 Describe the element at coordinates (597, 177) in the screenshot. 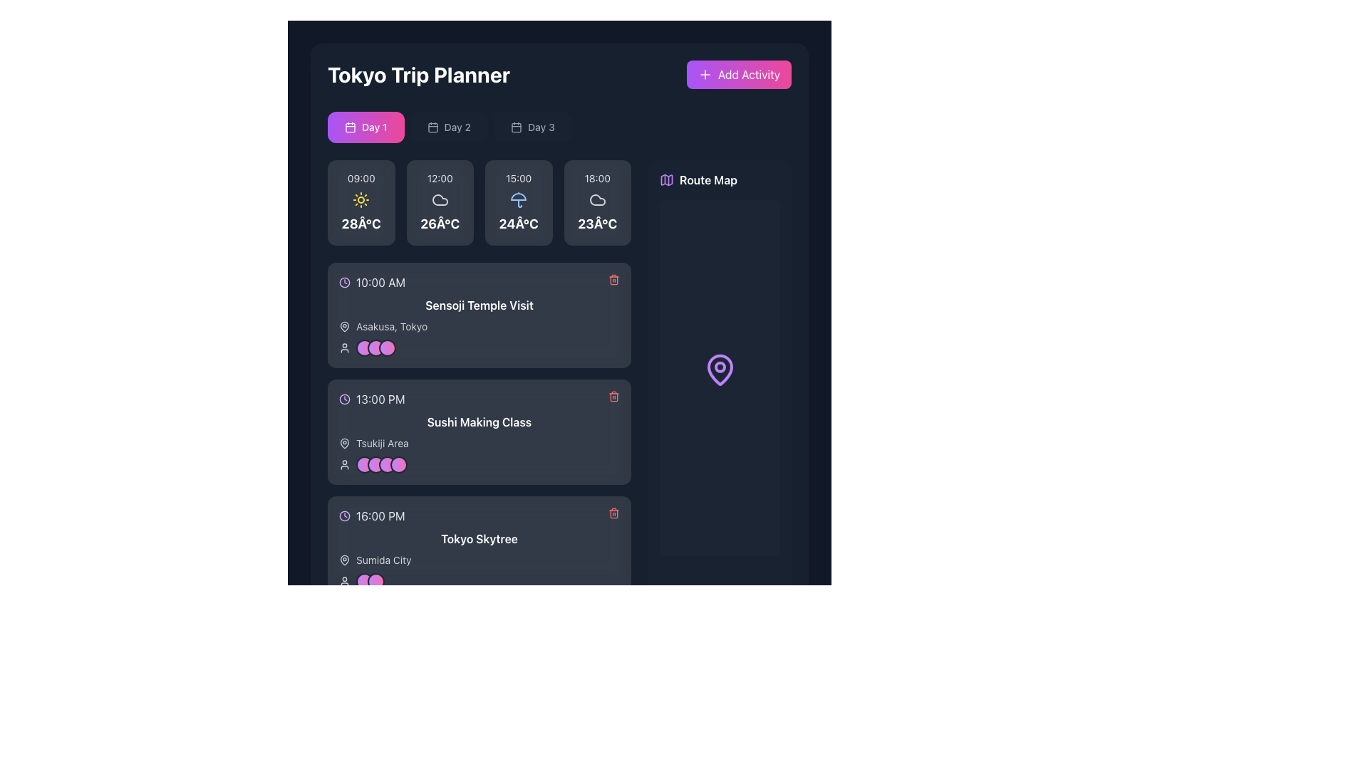

I see `the text label displaying '18:00', which is styled with a small font size and light gray color, located in the top right of the weather forecast section` at that location.